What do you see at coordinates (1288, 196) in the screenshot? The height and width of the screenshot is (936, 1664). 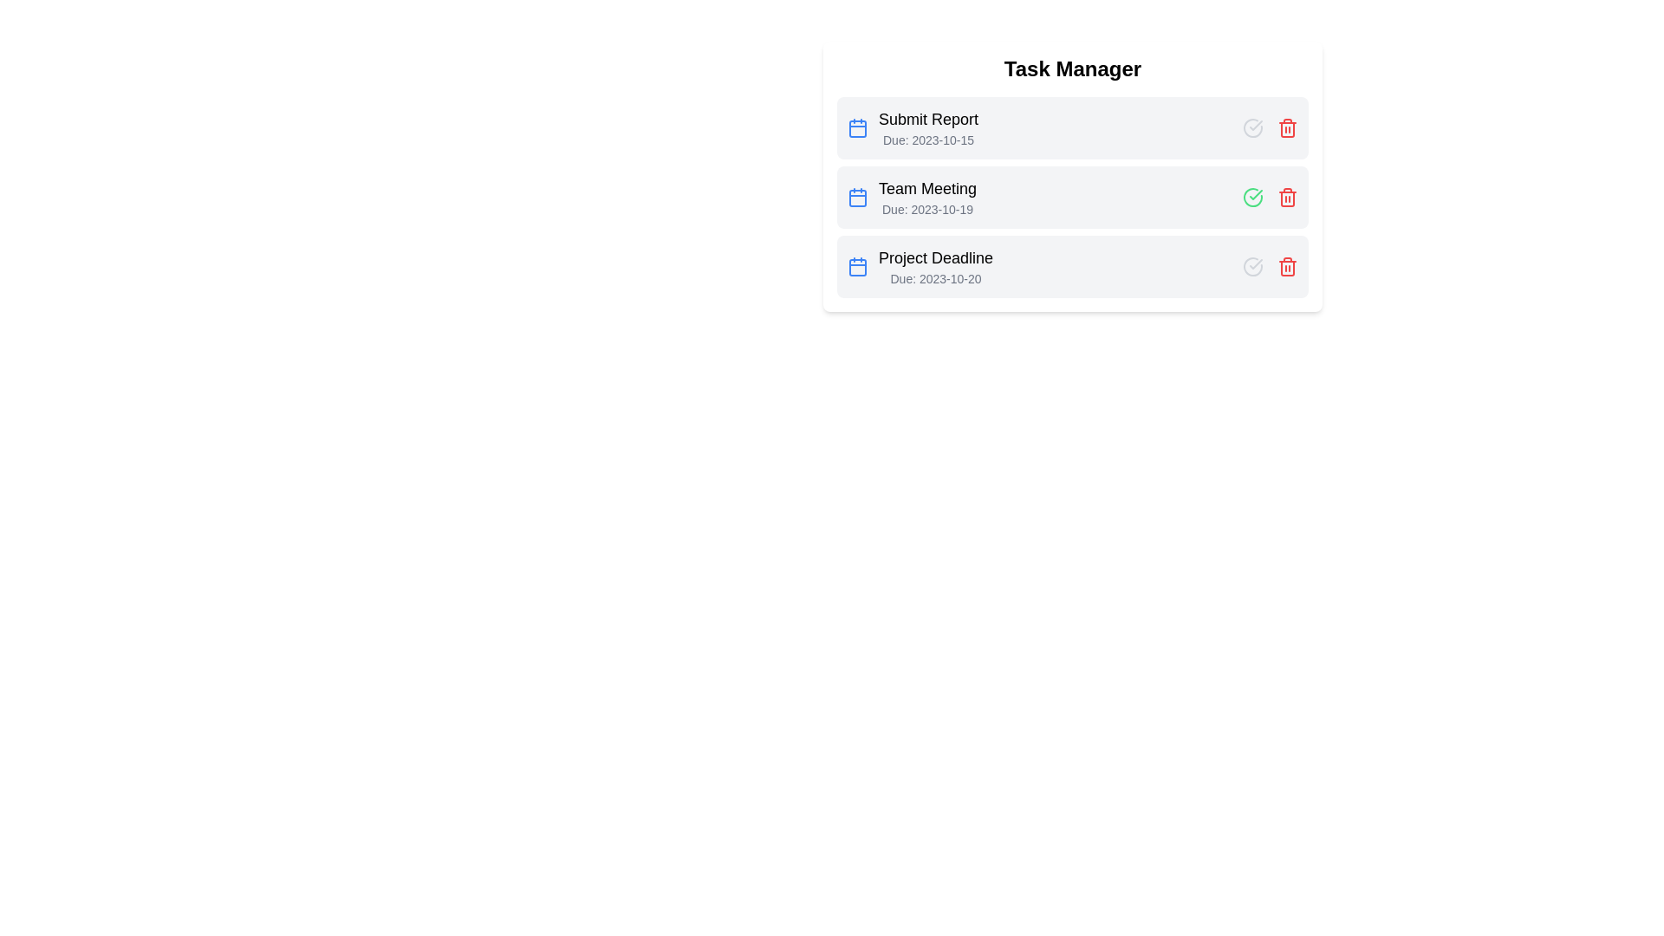 I see `'Remove task' button for the task titled 'Team Meeting'` at bounding box center [1288, 196].